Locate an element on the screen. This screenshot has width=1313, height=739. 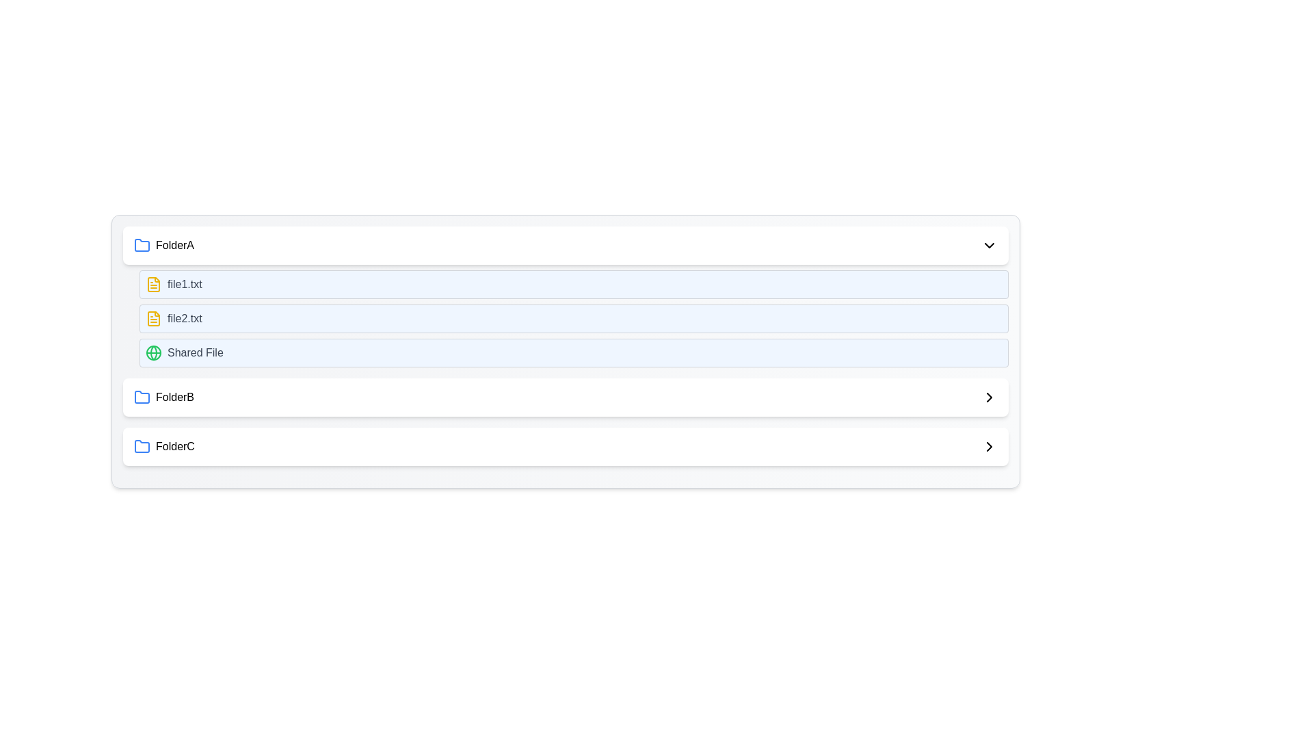
text of the 'FolderA' label, which is a medium, capitalized text located within the first item of a vertically arranged list, aligned to the right of a blue folder icon is located at coordinates (174, 244).